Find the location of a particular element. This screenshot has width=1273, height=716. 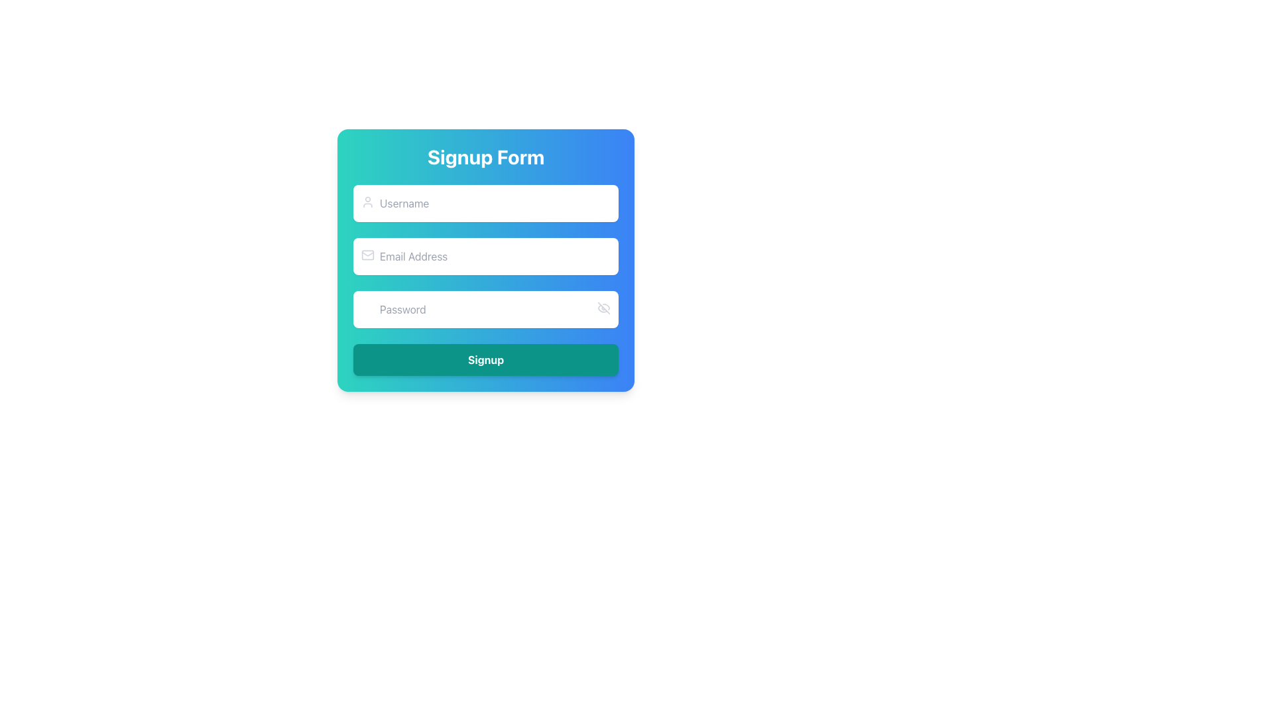

the visibility toggle icon located on the right-hand side of the password input field in the form is located at coordinates (603, 308).